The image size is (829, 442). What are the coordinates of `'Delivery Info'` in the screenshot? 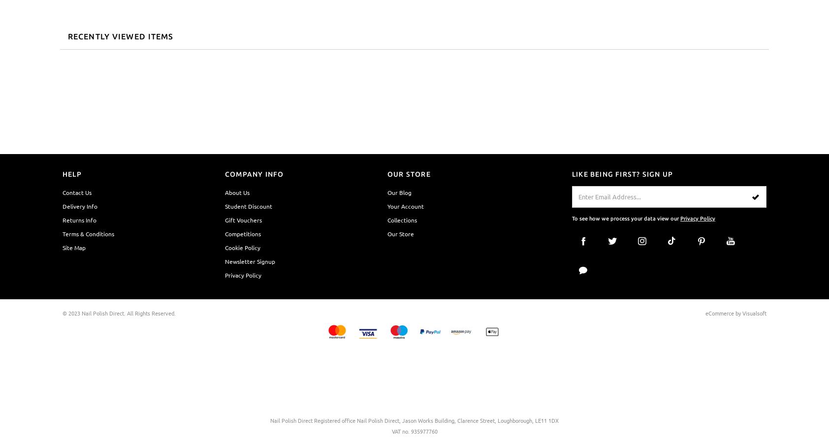 It's located at (79, 206).